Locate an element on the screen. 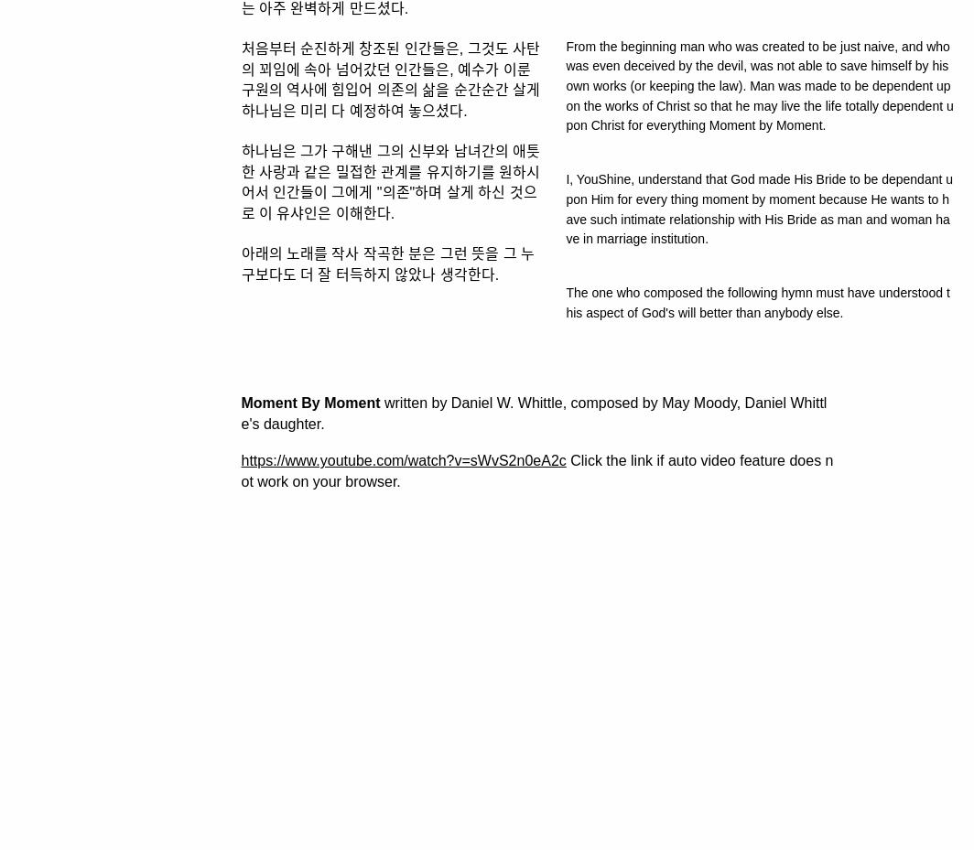  'The one who composed the following hymn must have understood this 		aspect of God's will better than anybody else' is located at coordinates (757, 302).